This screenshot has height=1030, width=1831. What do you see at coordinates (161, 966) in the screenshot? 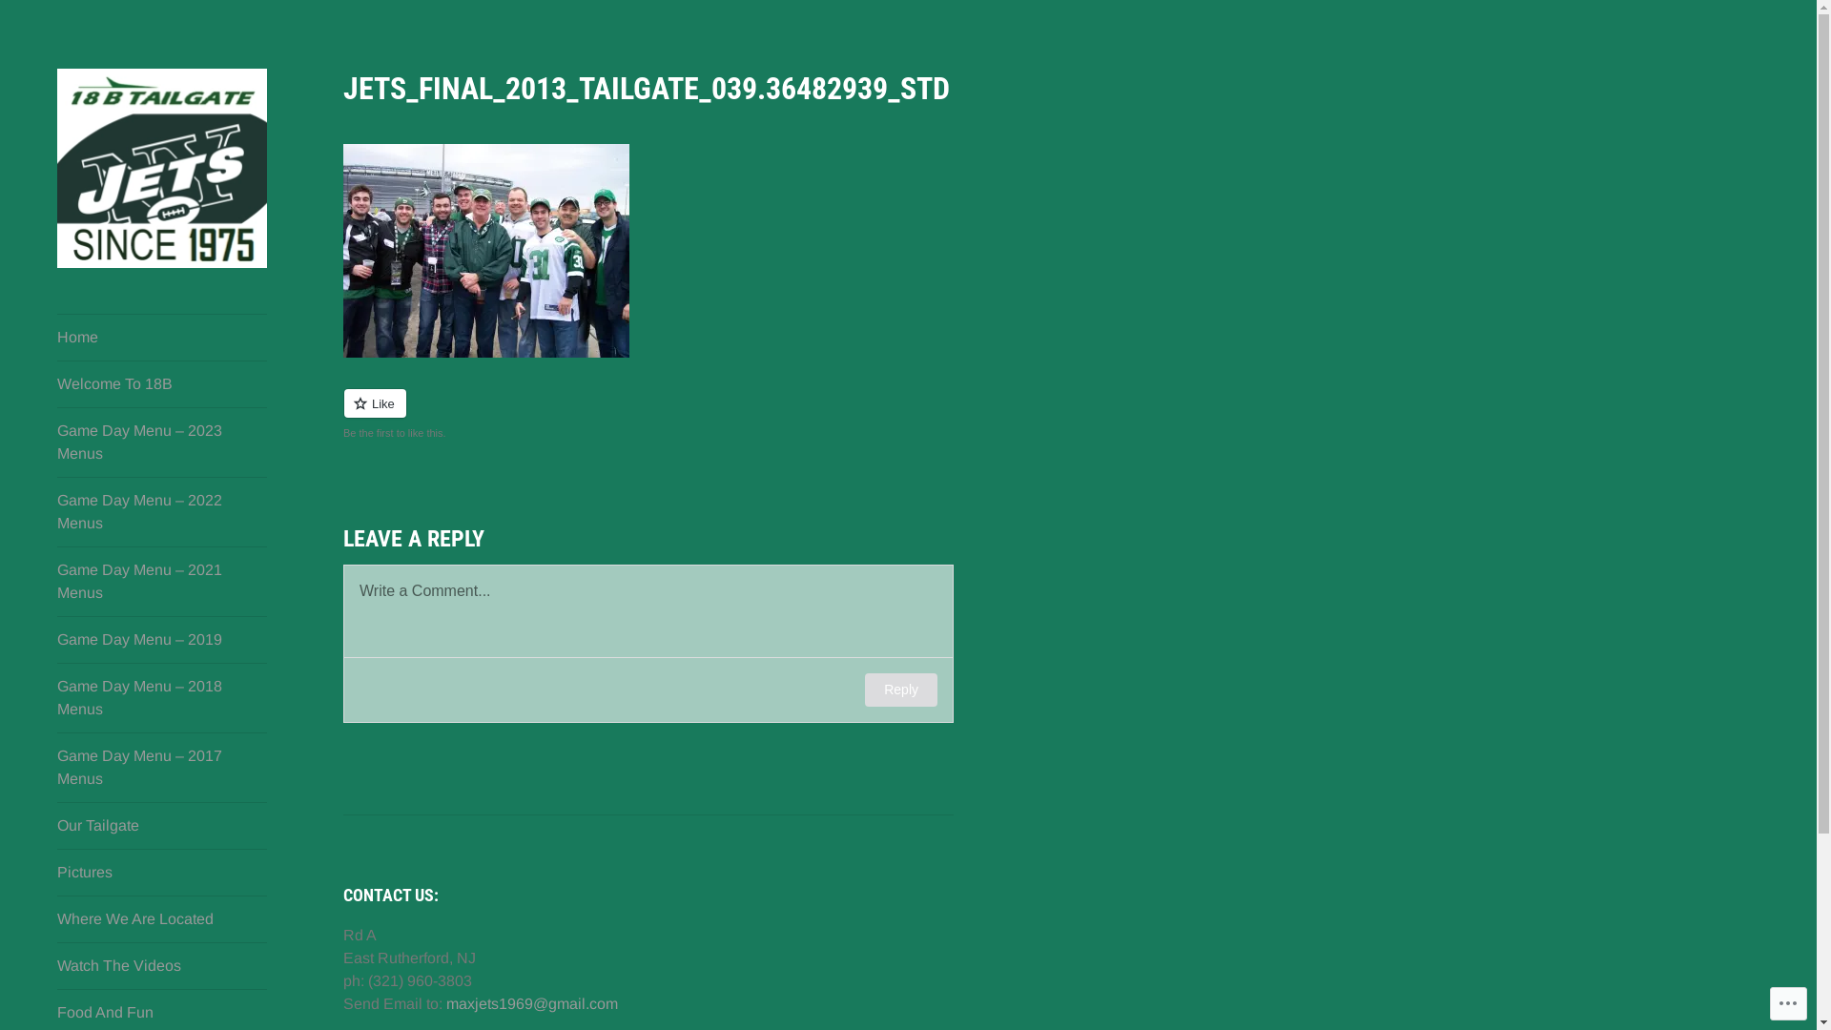
I see `'Watch The Videos'` at bounding box center [161, 966].